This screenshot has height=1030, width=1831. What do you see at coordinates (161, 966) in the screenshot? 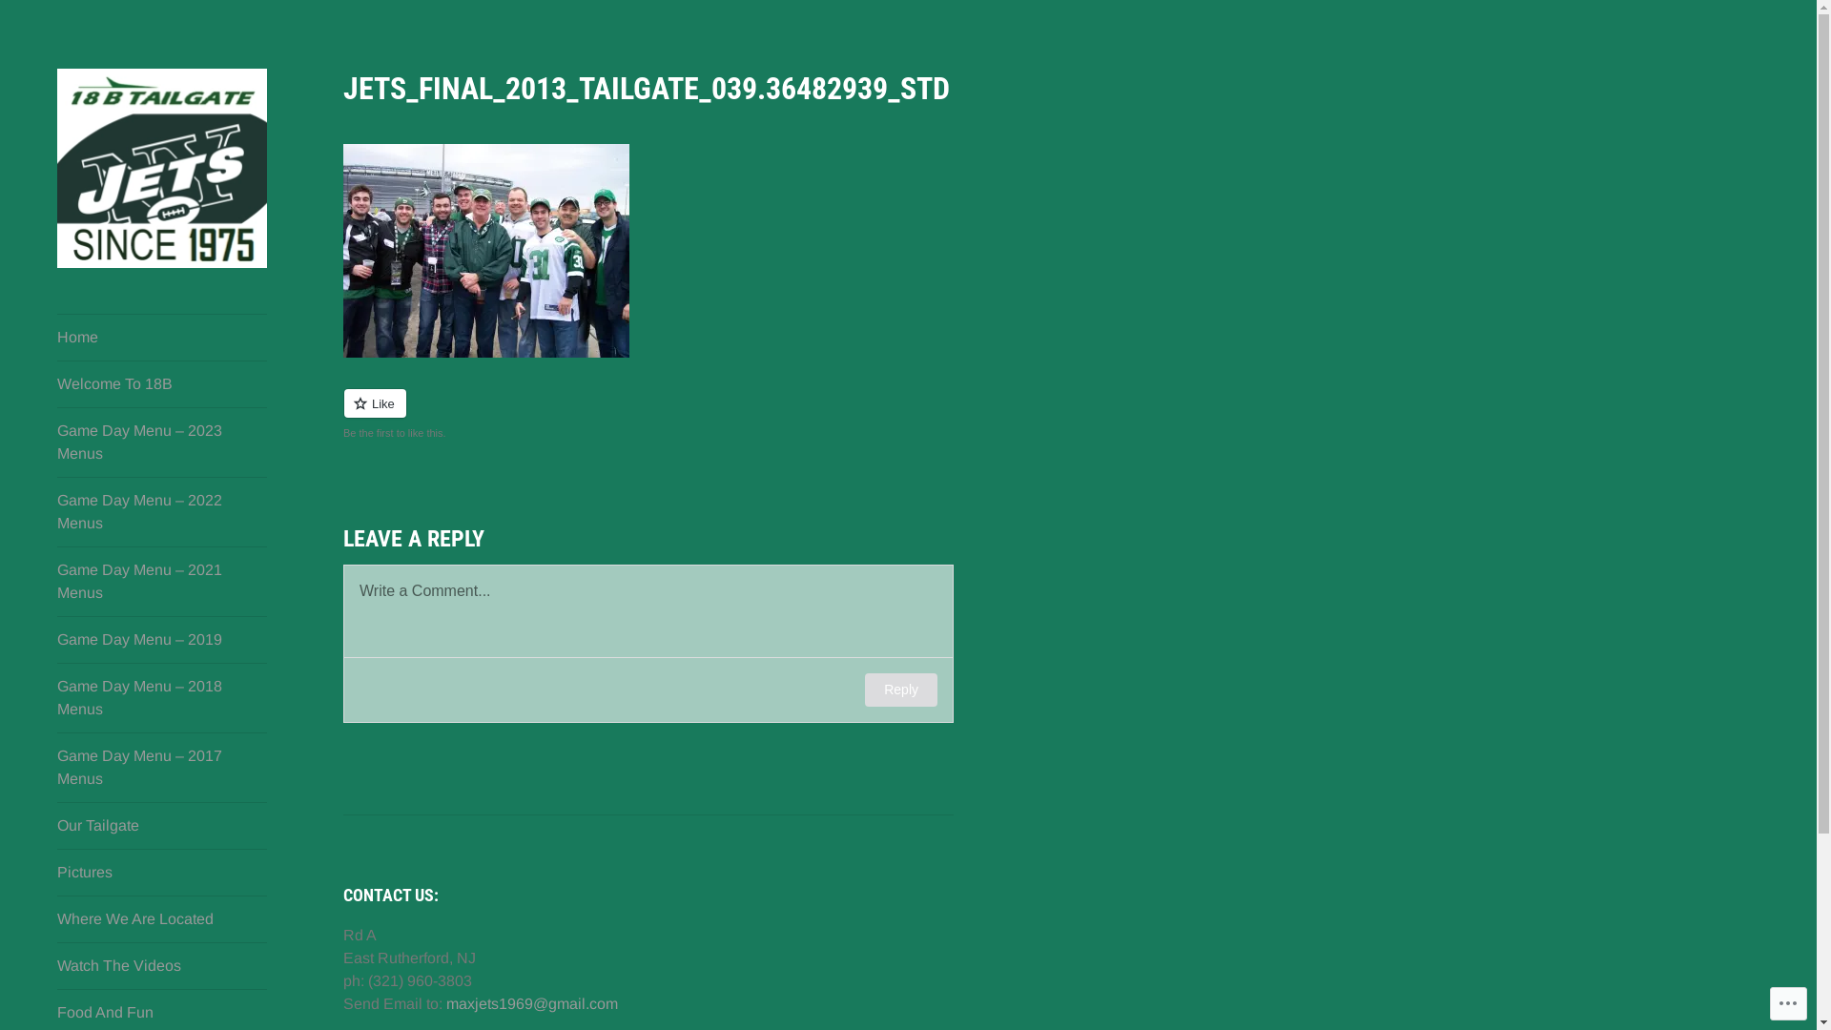
I see `'Watch The Videos'` at bounding box center [161, 966].